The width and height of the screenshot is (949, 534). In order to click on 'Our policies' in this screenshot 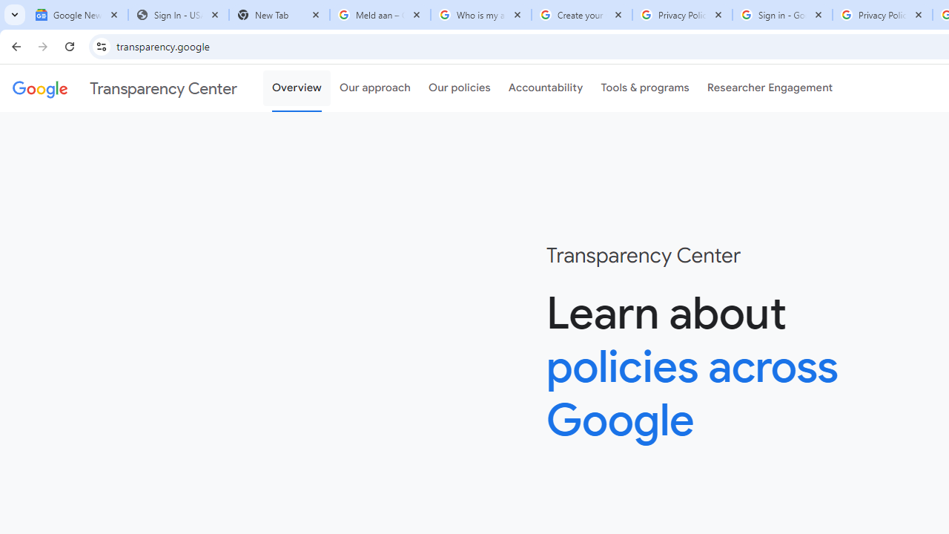, I will do `click(459, 88)`.